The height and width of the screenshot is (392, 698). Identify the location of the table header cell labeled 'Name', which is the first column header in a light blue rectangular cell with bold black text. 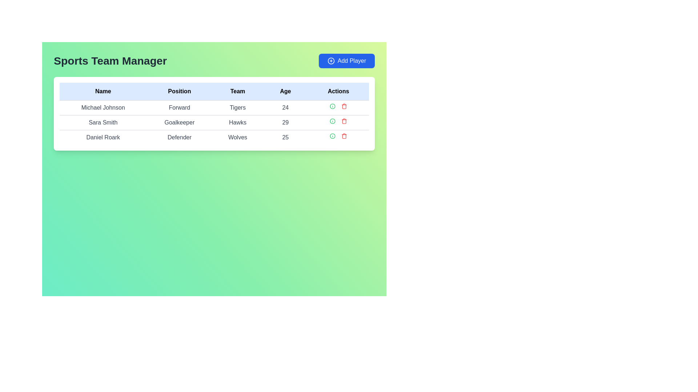
(103, 91).